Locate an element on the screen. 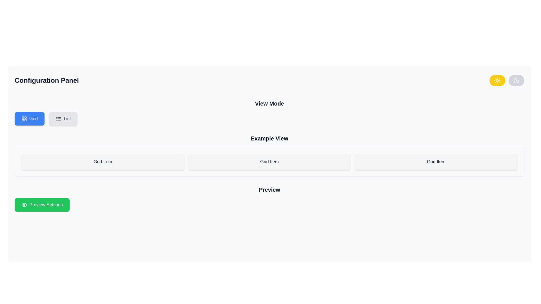  the second button in the horizontal group of two buttons, located next to the blue 'Grid' button is located at coordinates (63, 118).